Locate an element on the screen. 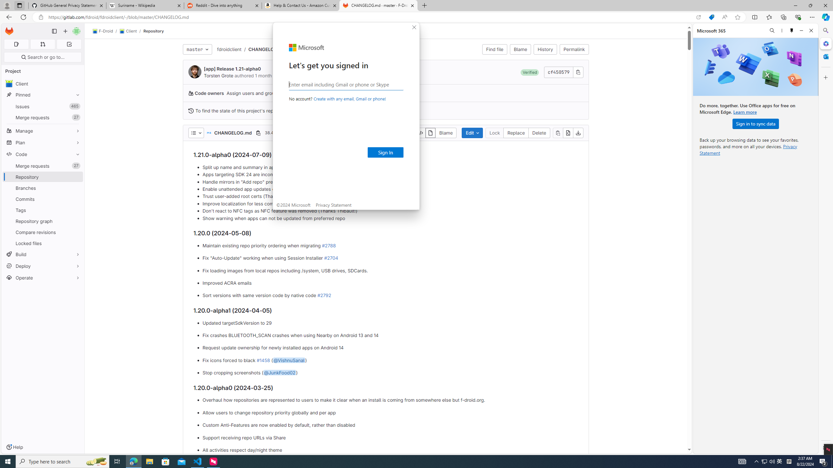 The width and height of the screenshot is (833, 468). 'Locked files' is located at coordinates (42, 243).